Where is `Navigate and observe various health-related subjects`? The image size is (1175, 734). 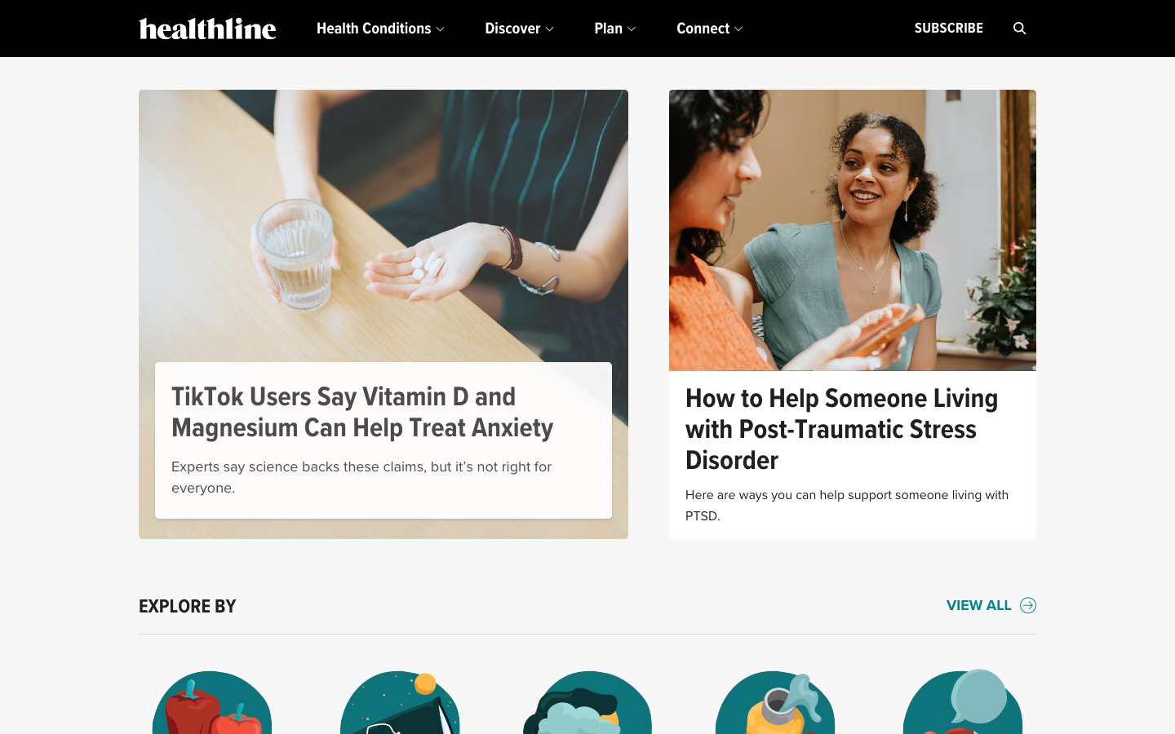
Navigate and observe various health-related subjects is located at coordinates (991, 606).